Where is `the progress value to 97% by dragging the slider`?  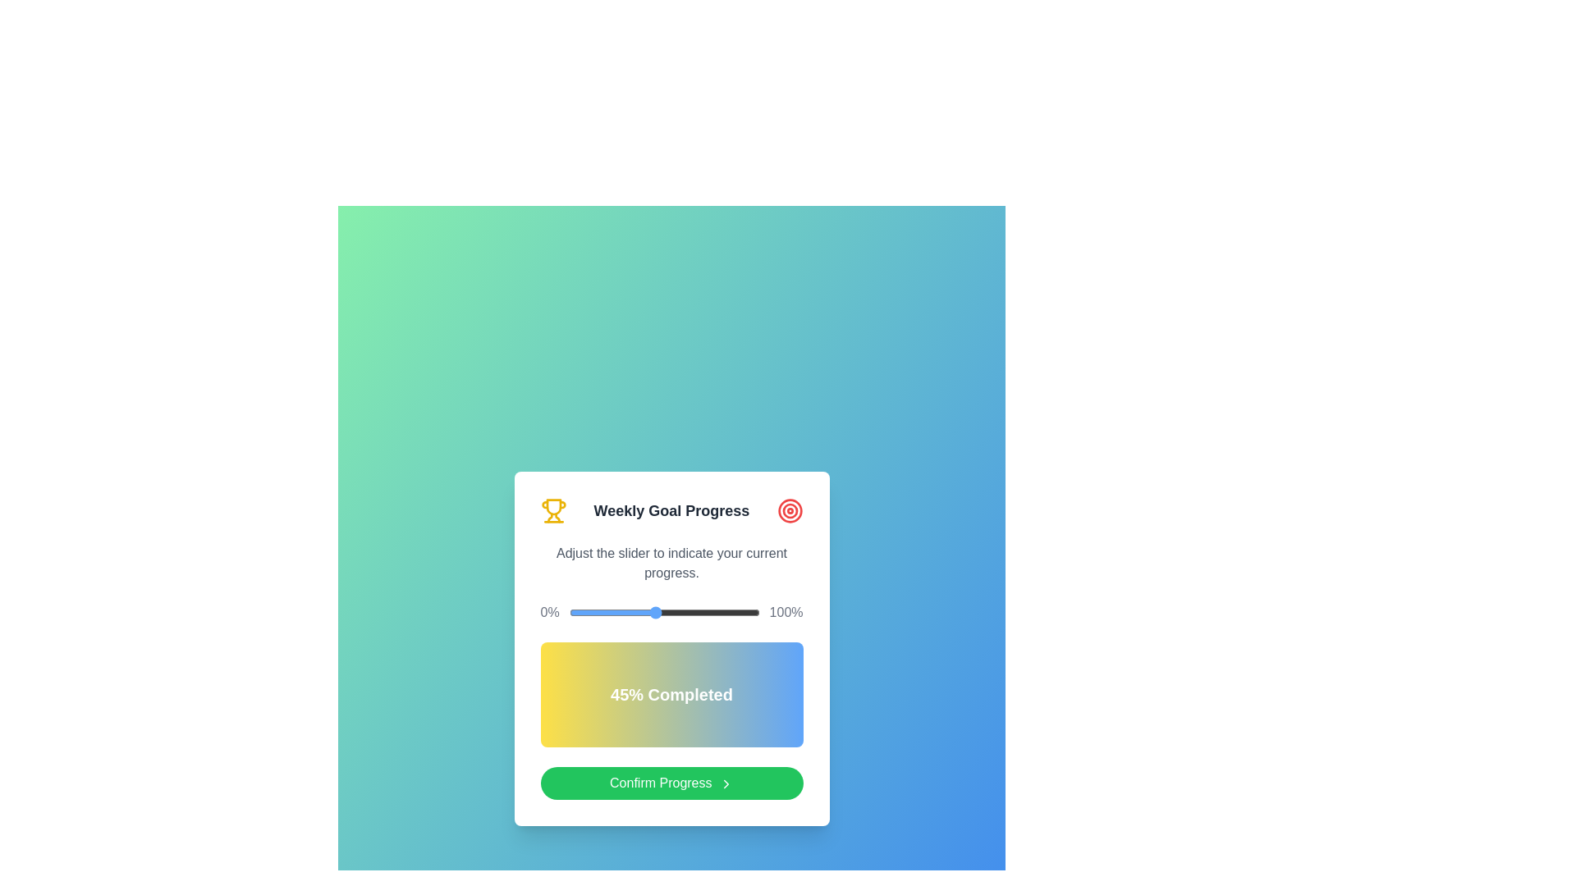 the progress value to 97% by dragging the slider is located at coordinates (753, 613).